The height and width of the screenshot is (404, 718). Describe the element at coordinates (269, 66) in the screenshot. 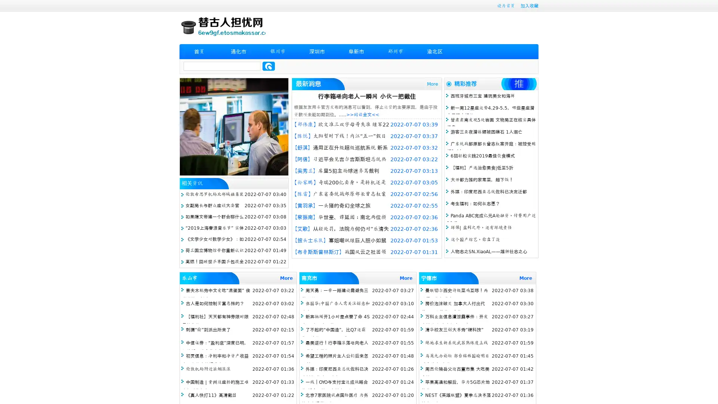

I see `Search` at that location.